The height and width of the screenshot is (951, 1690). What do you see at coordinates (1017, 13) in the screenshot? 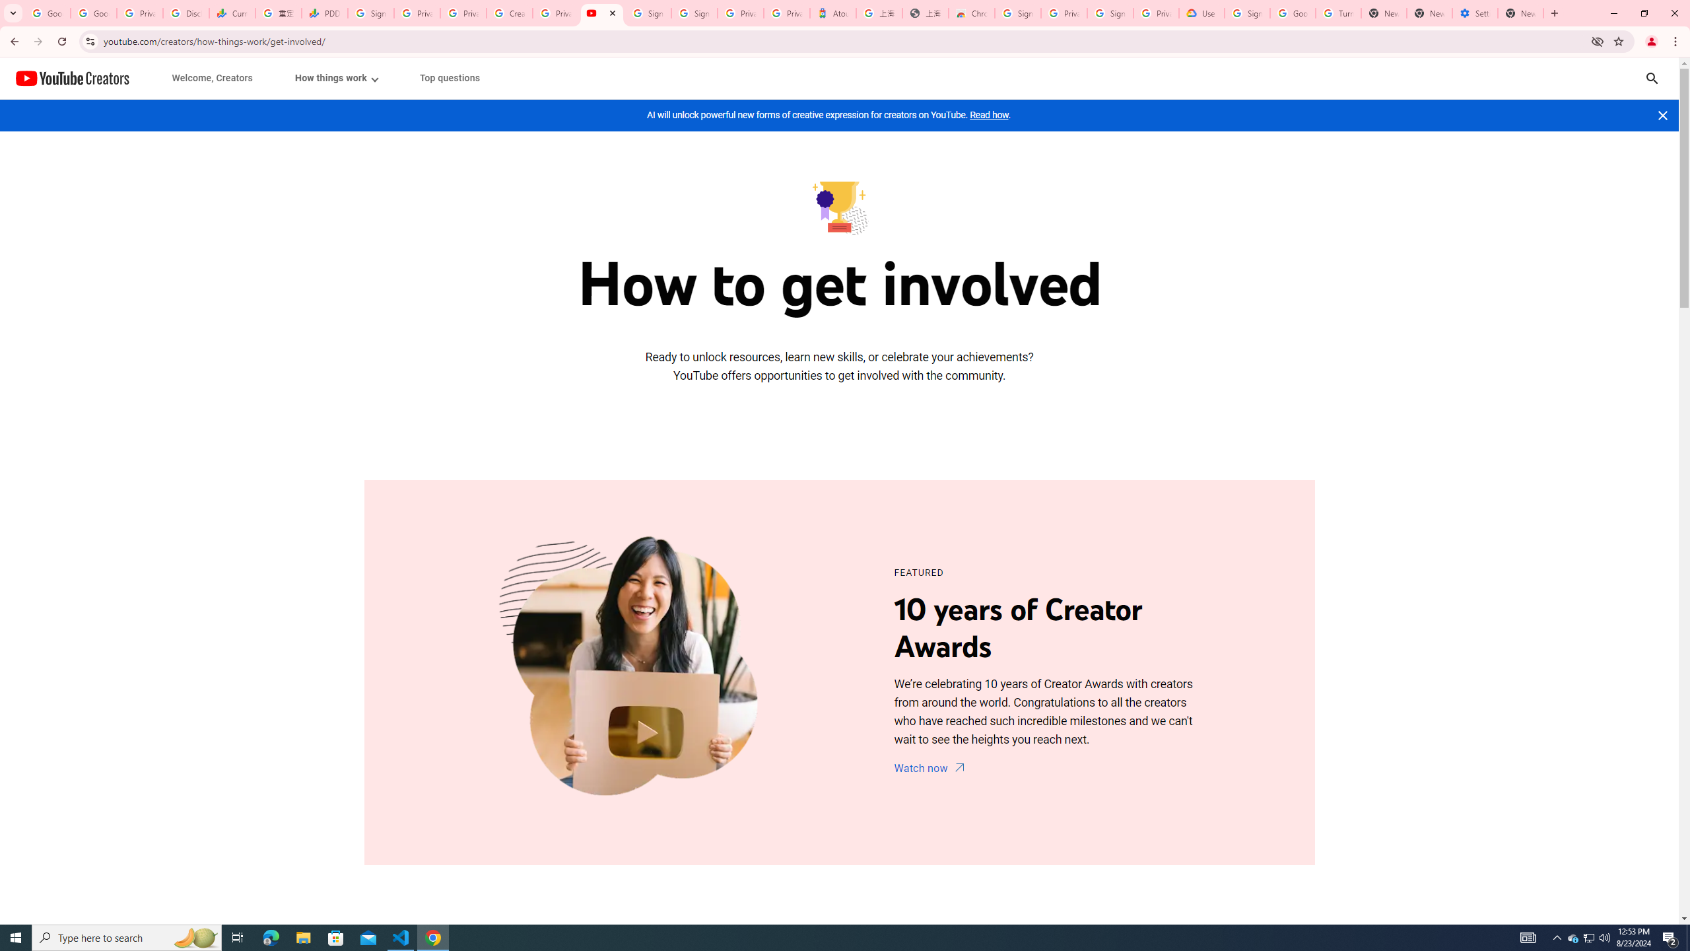
I see `'Sign in - Google Accounts'` at bounding box center [1017, 13].